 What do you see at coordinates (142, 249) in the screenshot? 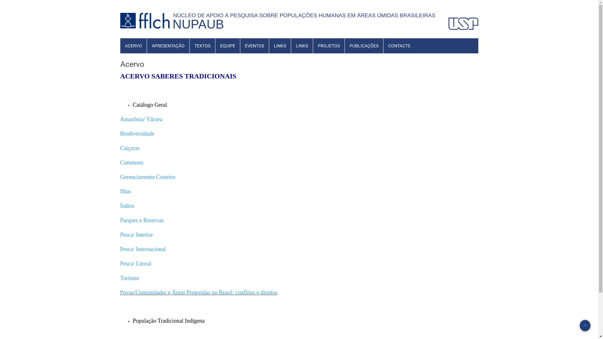
I see `'Pesca/ Internacional'` at bounding box center [142, 249].